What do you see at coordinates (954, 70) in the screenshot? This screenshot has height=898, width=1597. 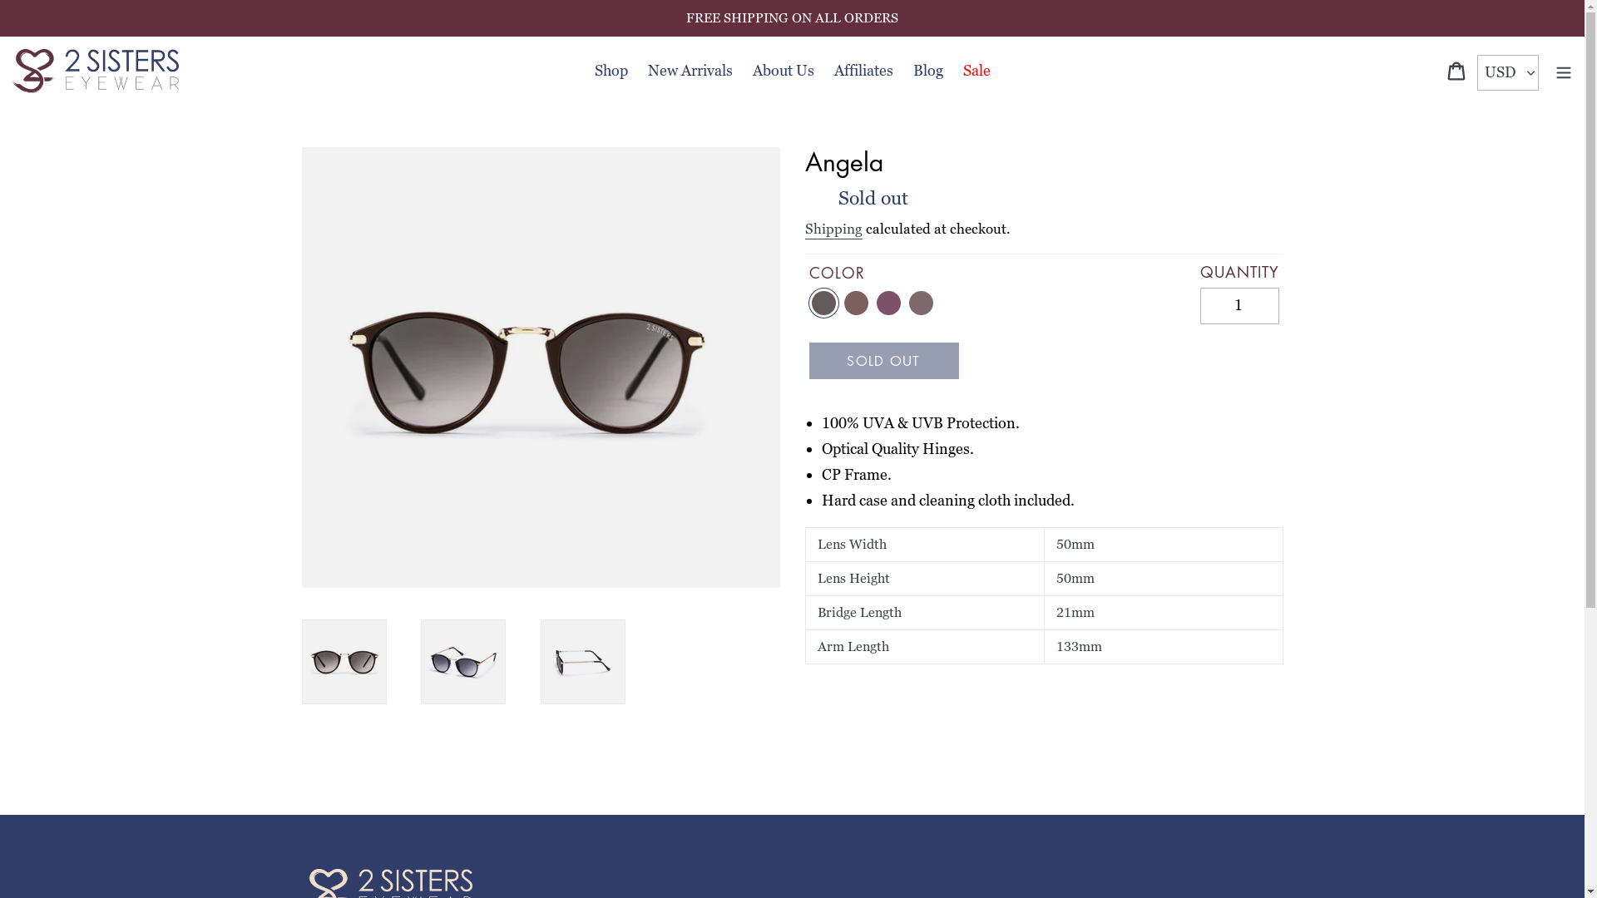 I see `'Sale'` at bounding box center [954, 70].